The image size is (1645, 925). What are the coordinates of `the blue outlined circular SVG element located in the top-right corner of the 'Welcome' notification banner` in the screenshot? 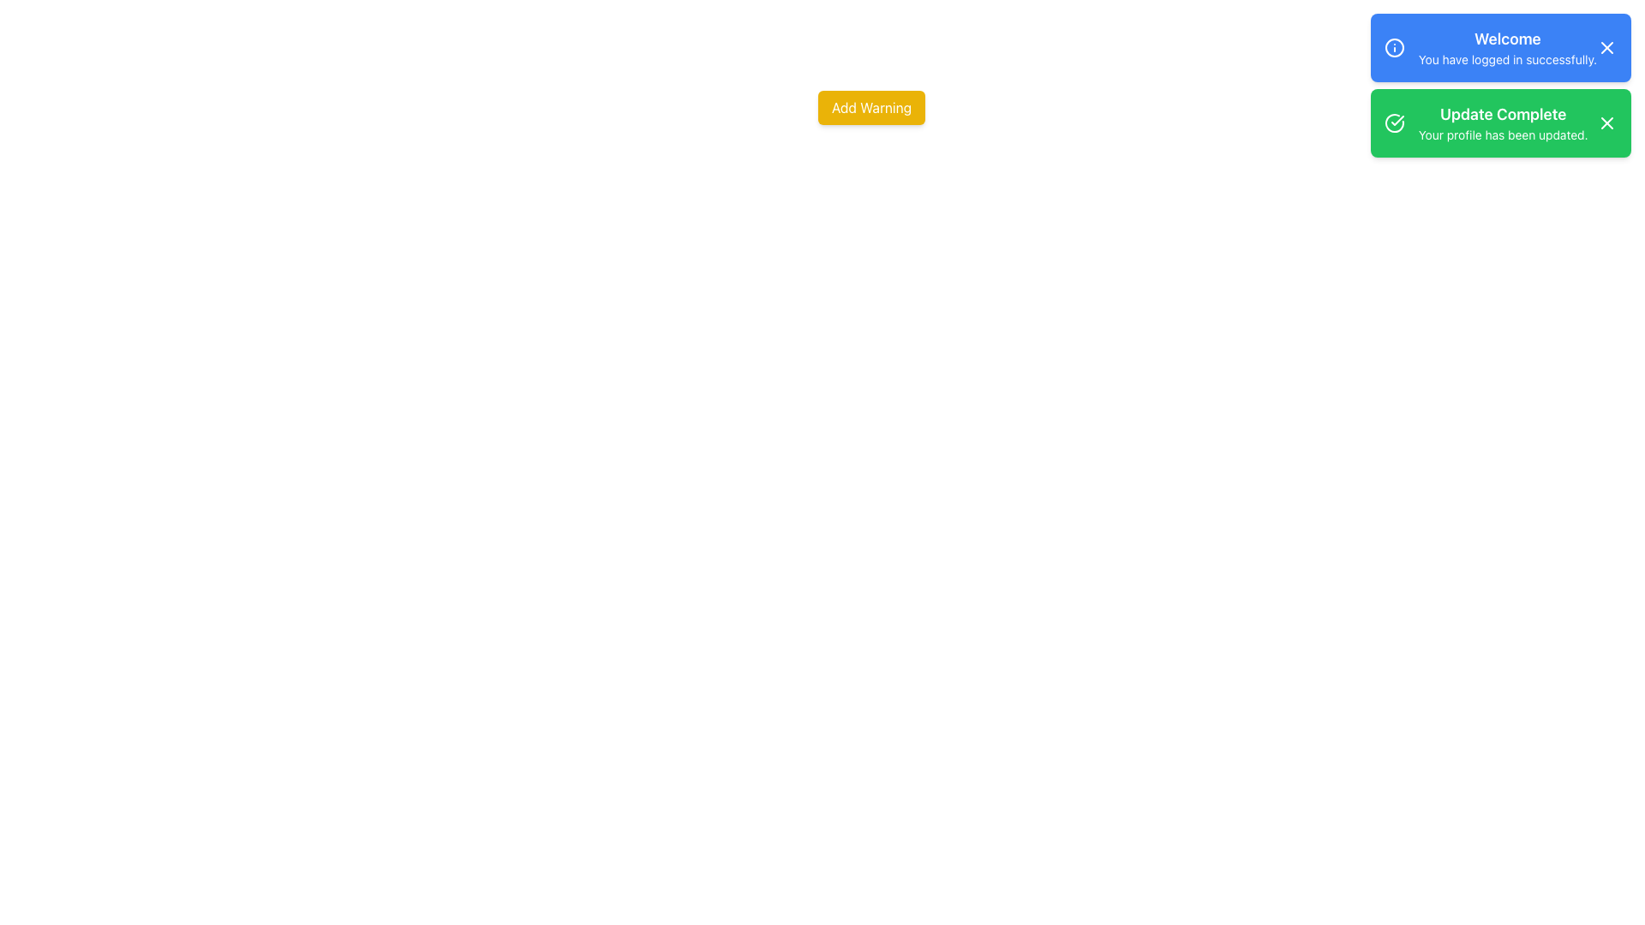 It's located at (1394, 47).